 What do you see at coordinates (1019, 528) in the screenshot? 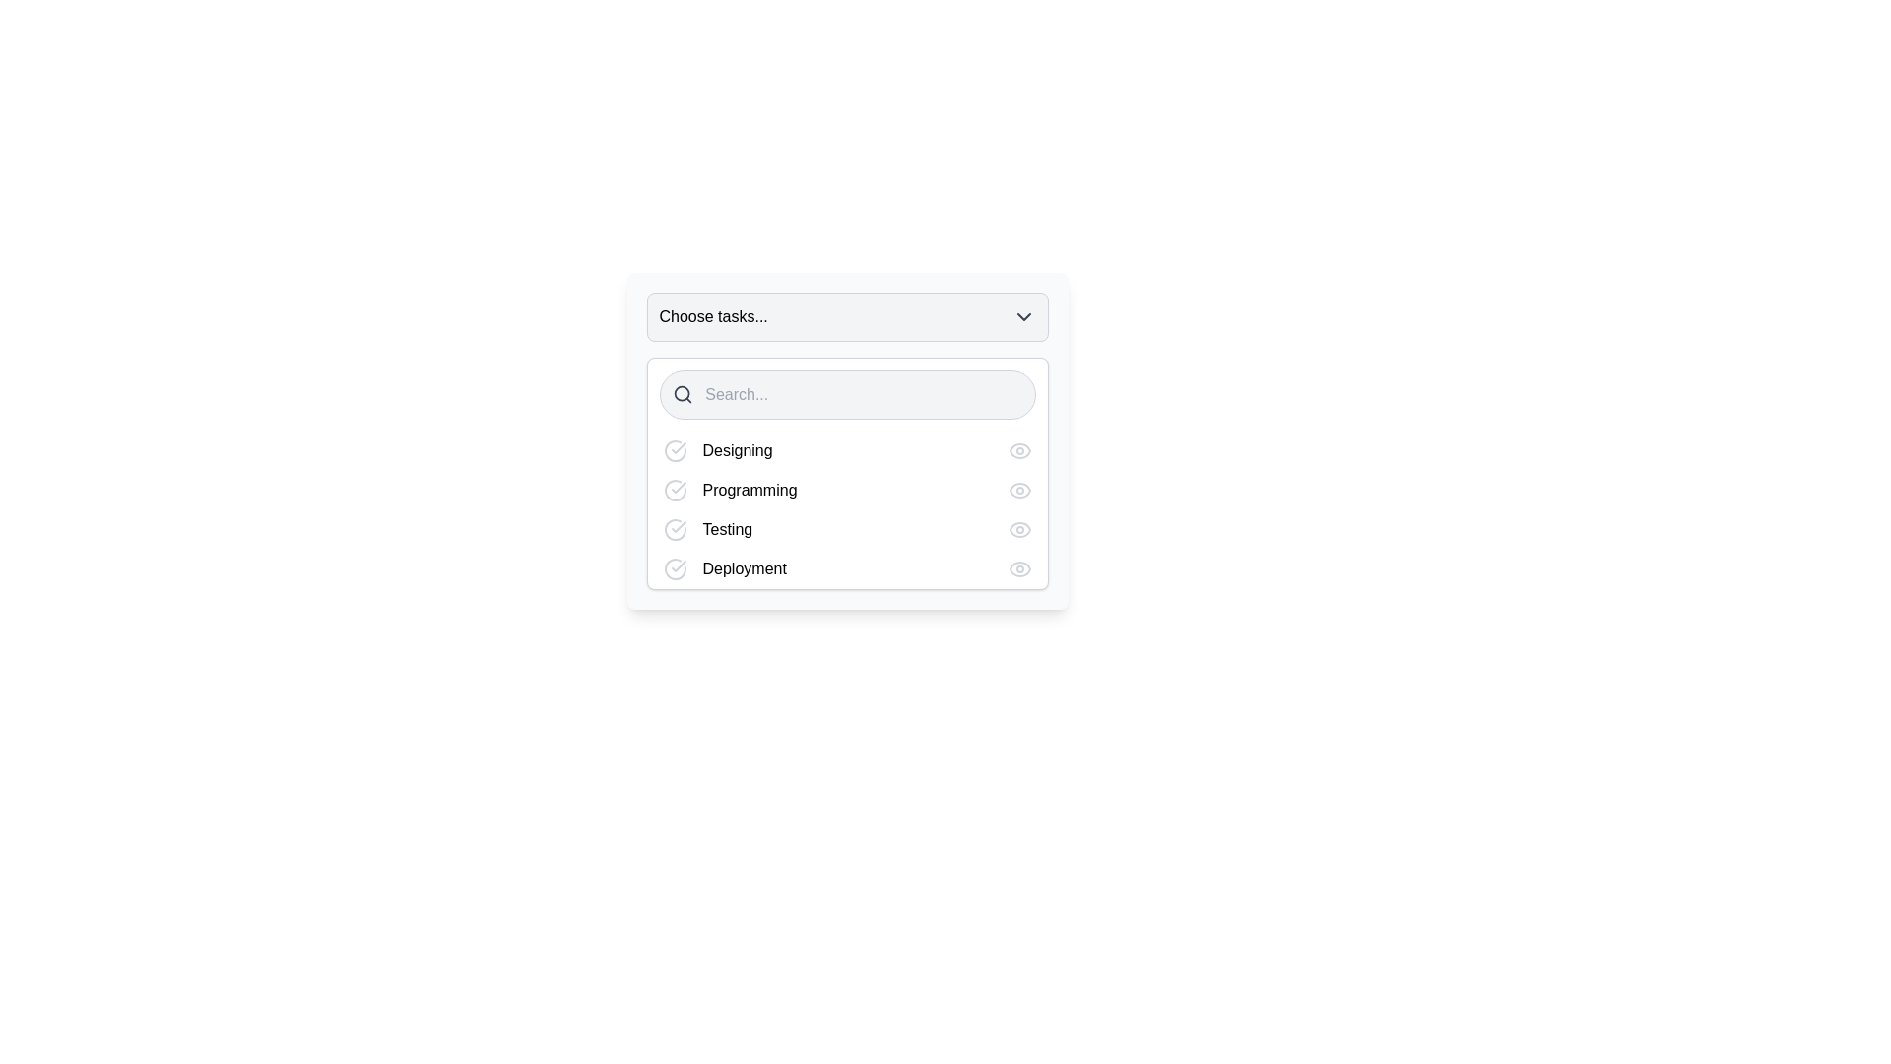
I see `the SVG icon button located to the far right of the row labeled 'Testing'` at bounding box center [1019, 528].